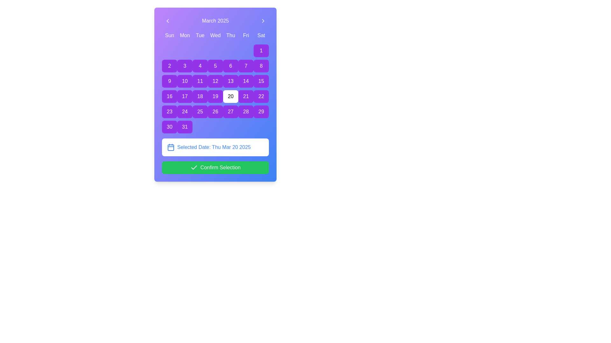 The image size is (611, 343). Describe the element at coordinates (261, 97) in the screenshot. I see `the button displaying the number '22' with a purple background in the calendar grid for March 2025` at that location.